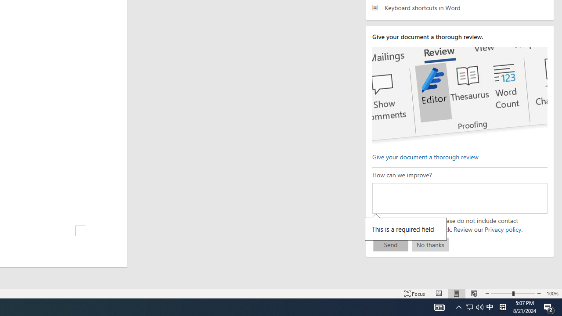 The image size is (562, 316). I want to click on 'How can we improve?', so click(459, 198).